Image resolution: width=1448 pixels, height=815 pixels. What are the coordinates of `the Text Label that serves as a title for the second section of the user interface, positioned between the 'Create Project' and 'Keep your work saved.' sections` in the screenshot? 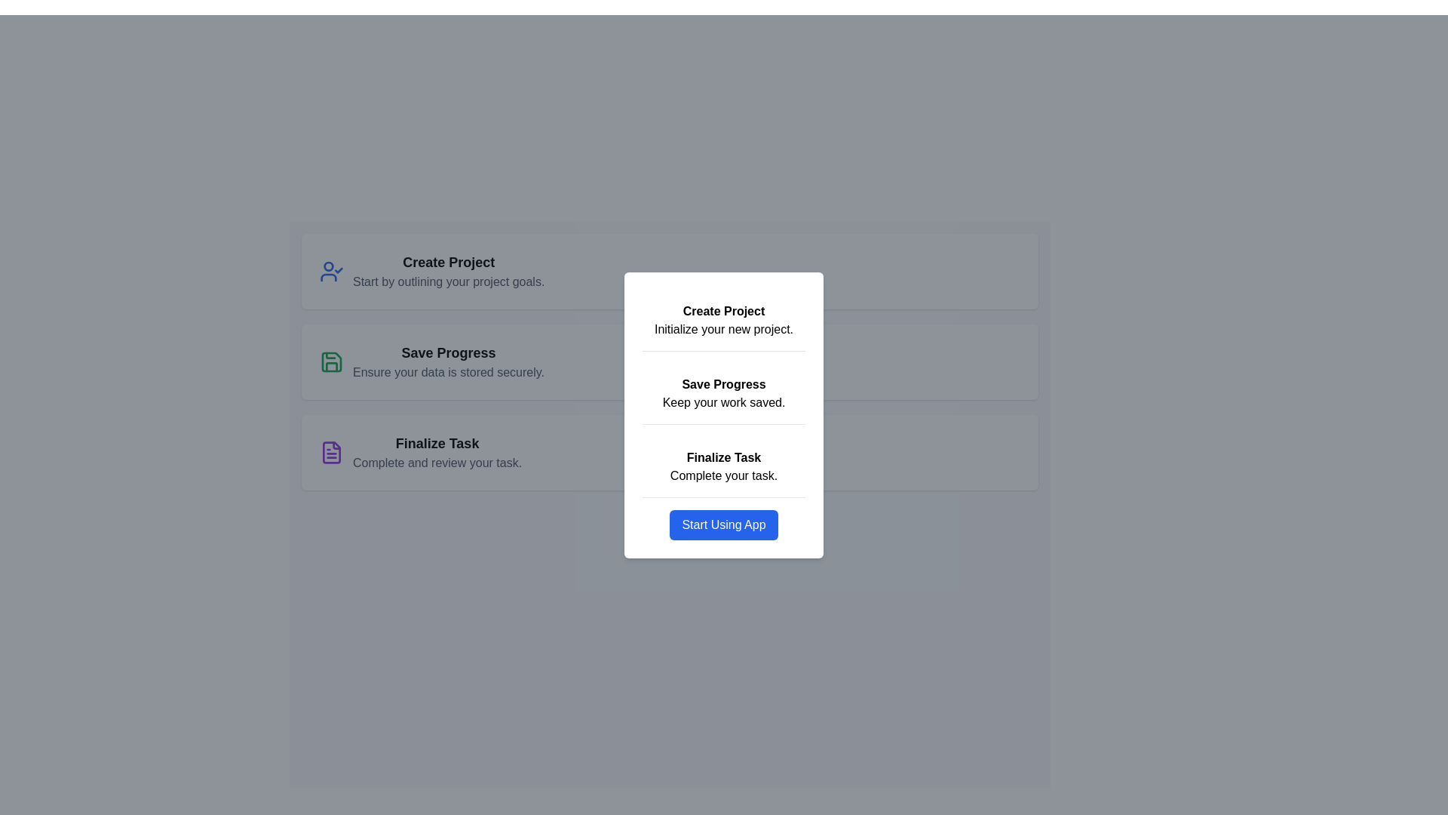 It's located at (724, 383).